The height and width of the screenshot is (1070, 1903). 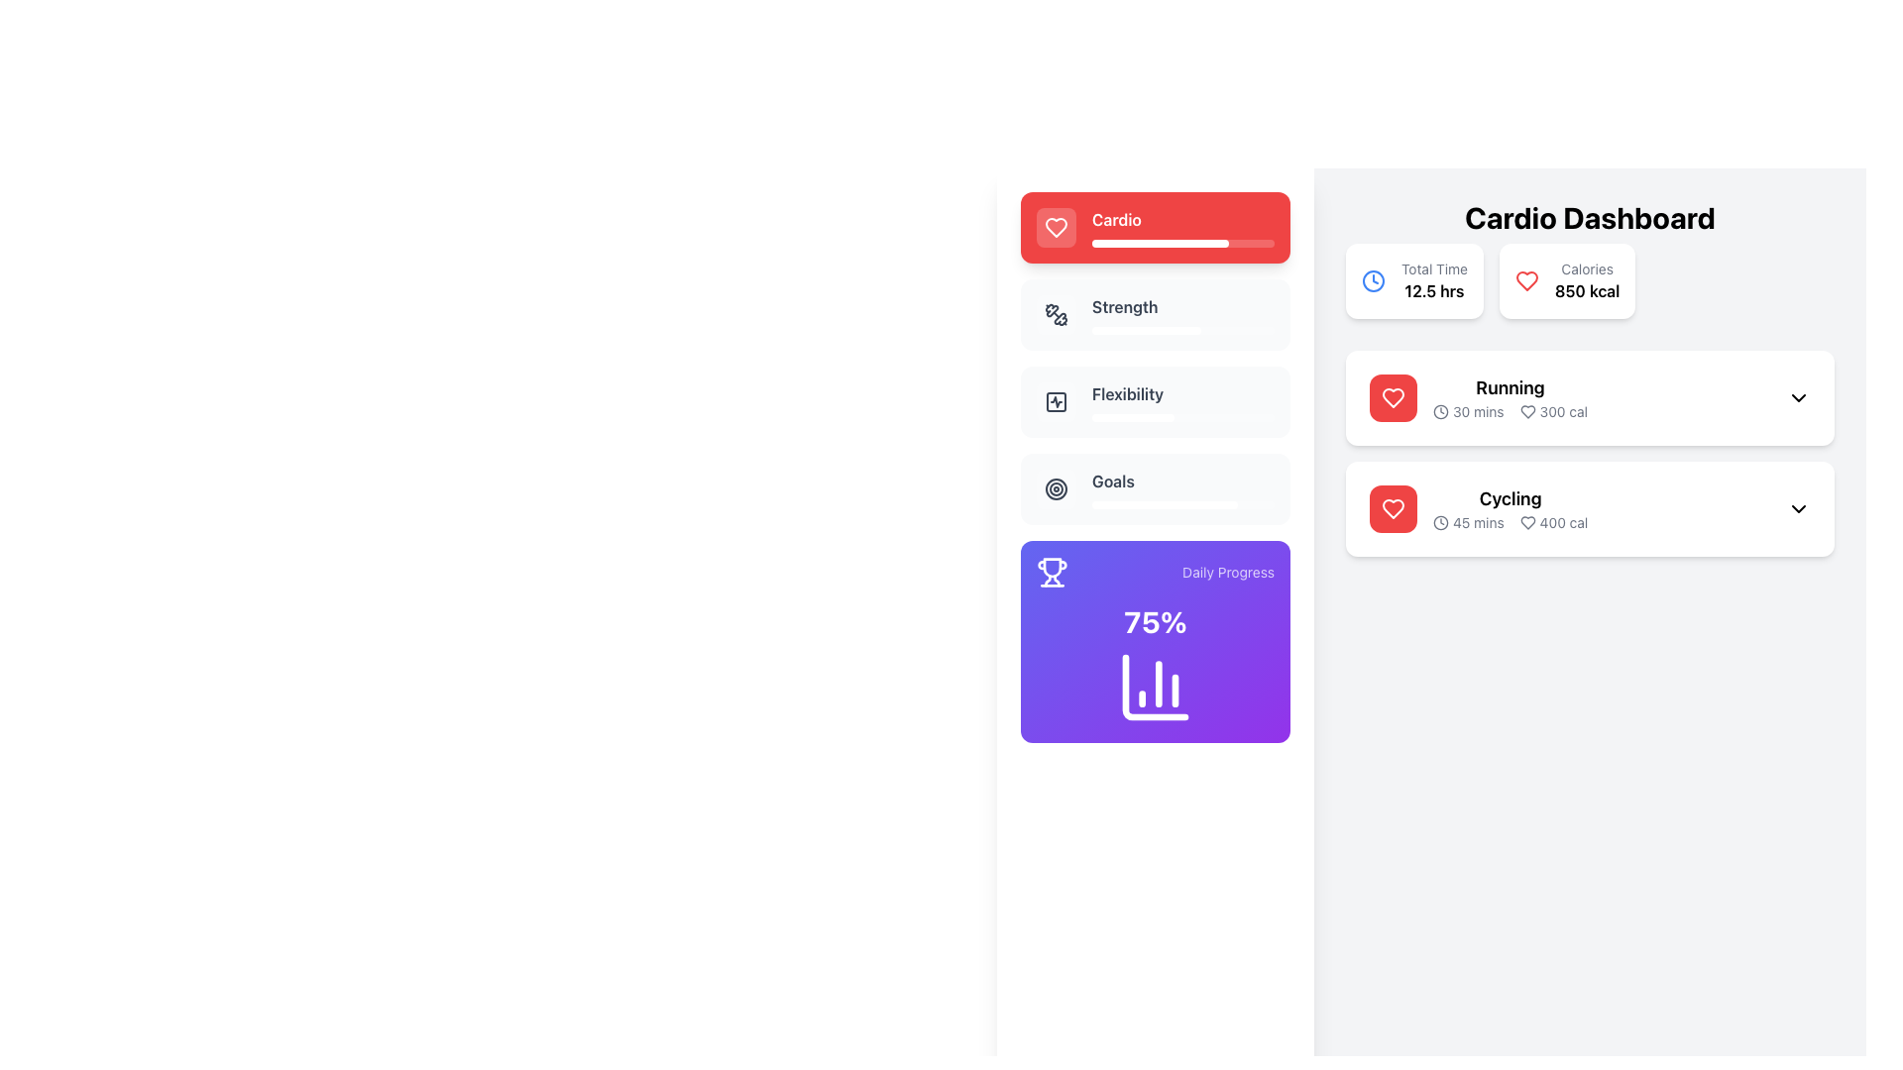 I want to click on the duration information displayed in the Text with accompanying icon located in the second card of the 'Cardio Dashboard', positioned below the 'Running' label and above the '300 cal' text, so click(x=1468, y=411).